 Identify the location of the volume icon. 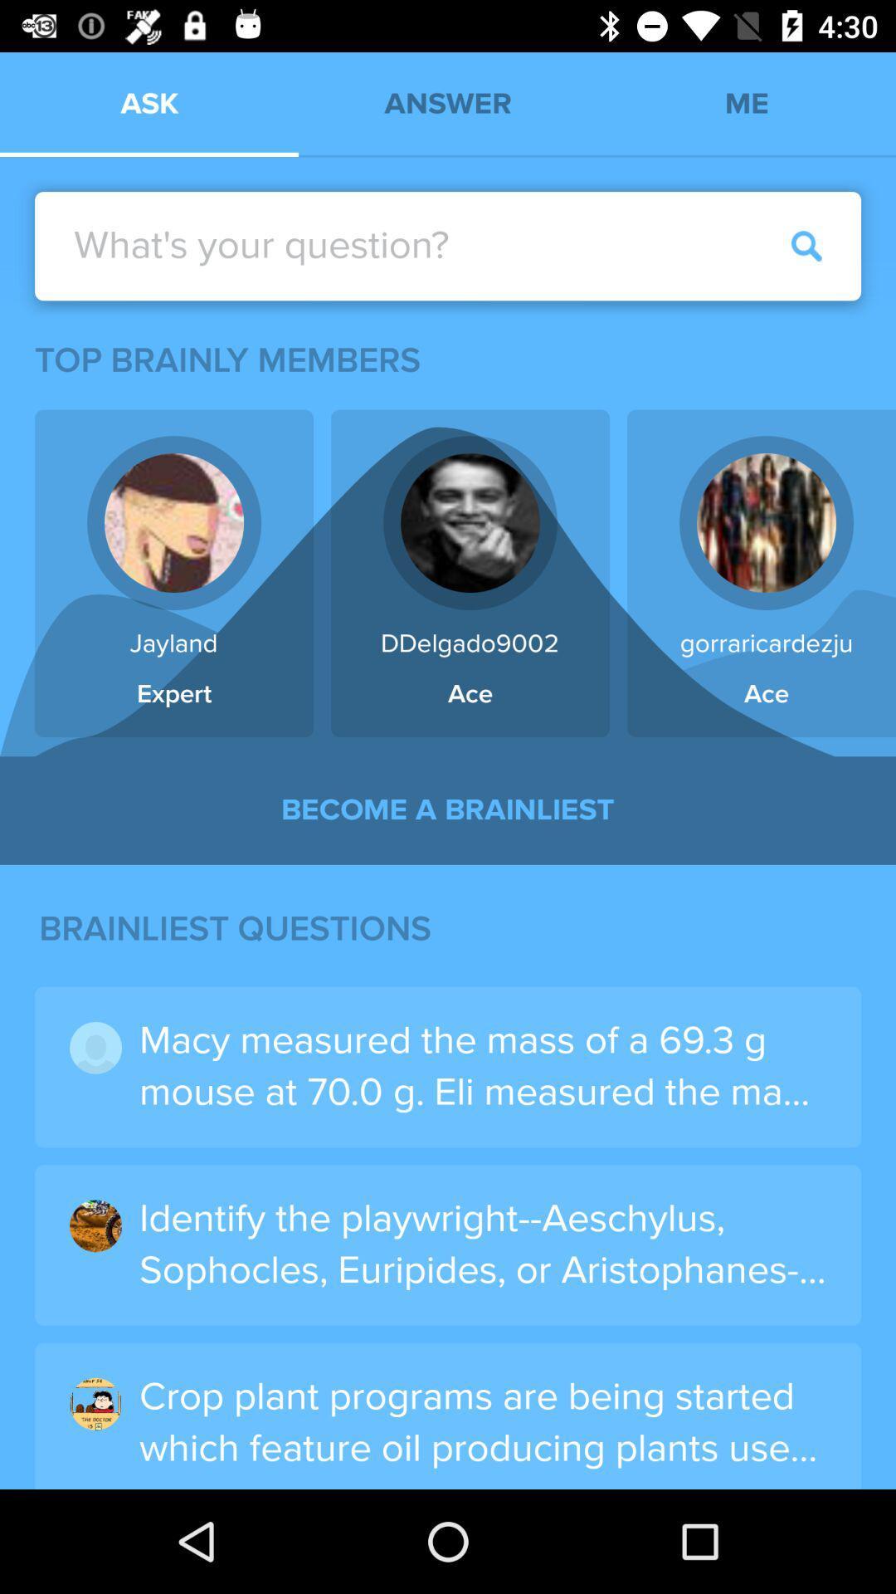
(73, 237).